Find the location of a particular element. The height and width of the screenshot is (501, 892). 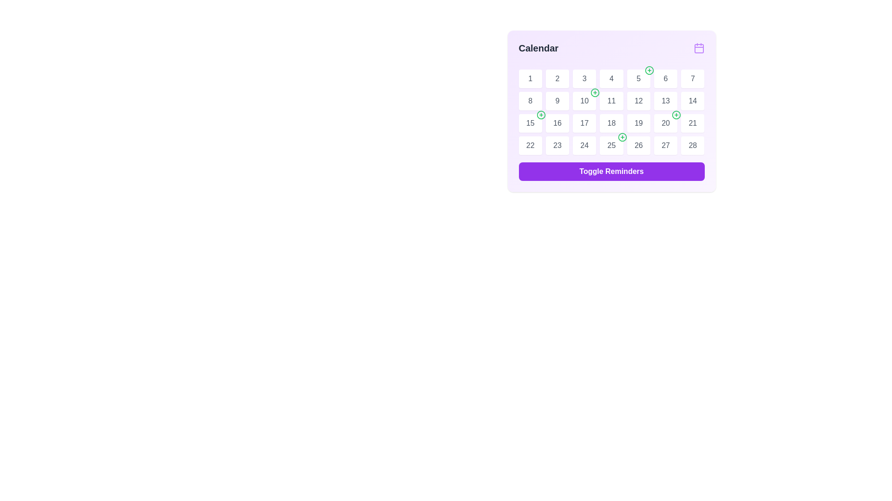

the button displaying '18' in the calendar interface, located in the third row and fourth column is located at coordinates (611, 123).